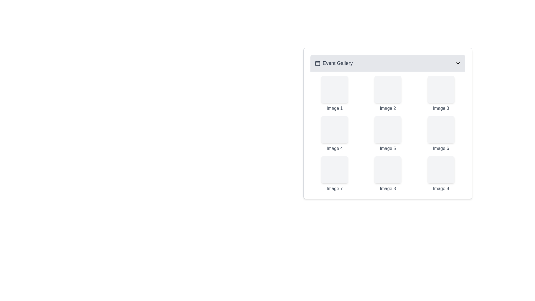  What do you see at coordinates (388, 188) in the screenshot?
I see `text label associated with the eighth image thumbnail located in the center of the third row on the second column of the grid layout` at bounding box center [388, 188].